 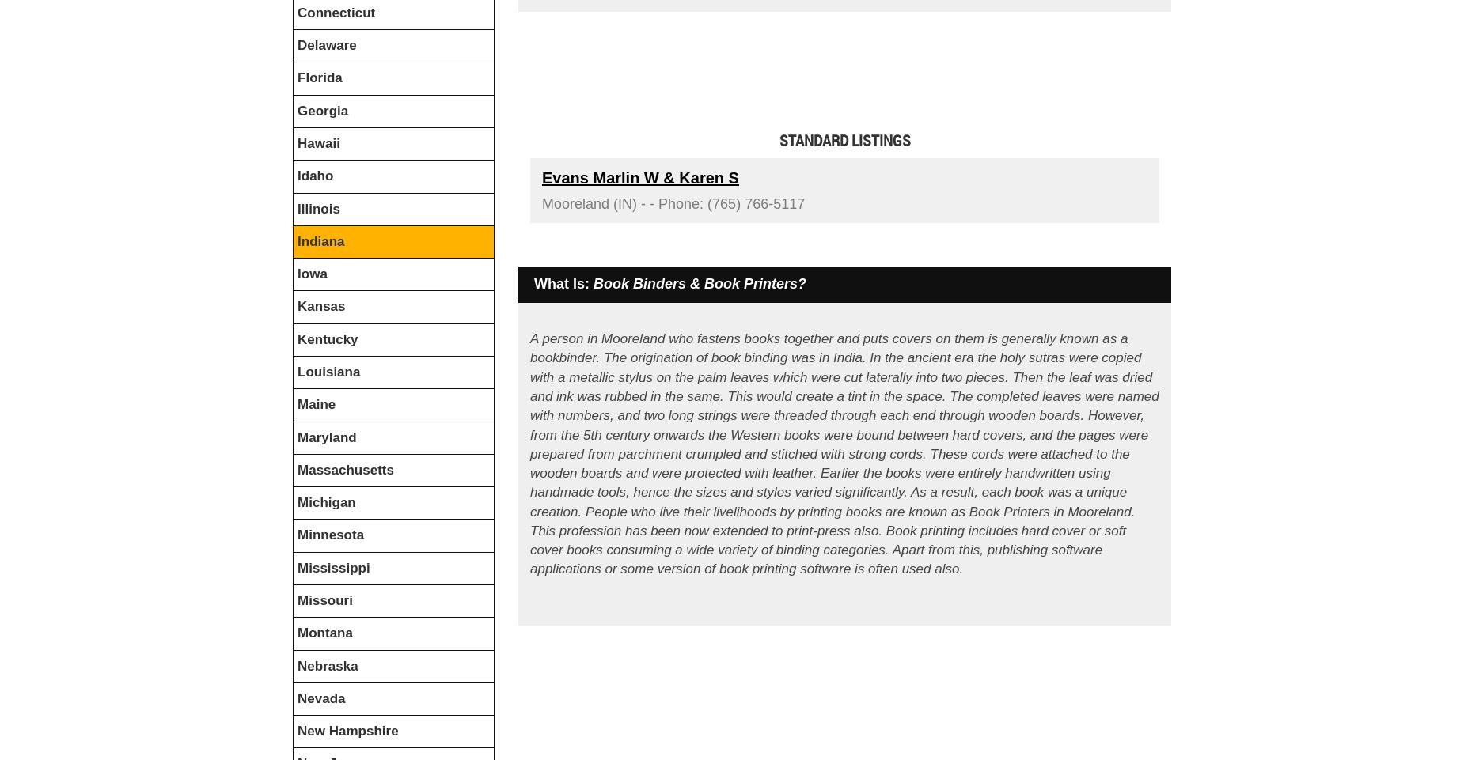 I want to click on 'Mississippi', so click(x=332, y=567).